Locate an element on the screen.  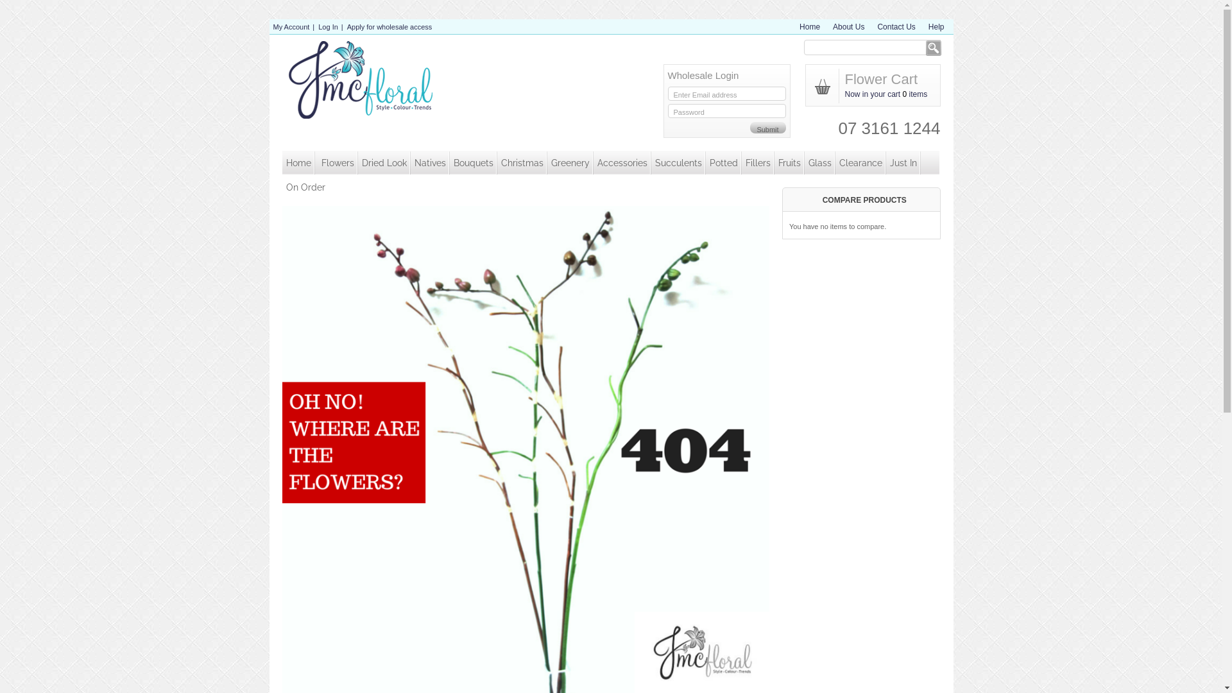
'Just In' is located at coordinates (902, 162).